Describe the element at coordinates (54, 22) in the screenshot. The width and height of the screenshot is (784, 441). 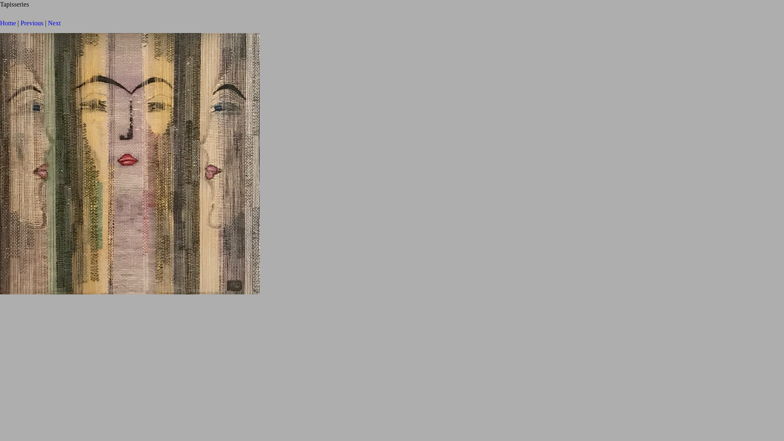
I see `'Next'` at that location.